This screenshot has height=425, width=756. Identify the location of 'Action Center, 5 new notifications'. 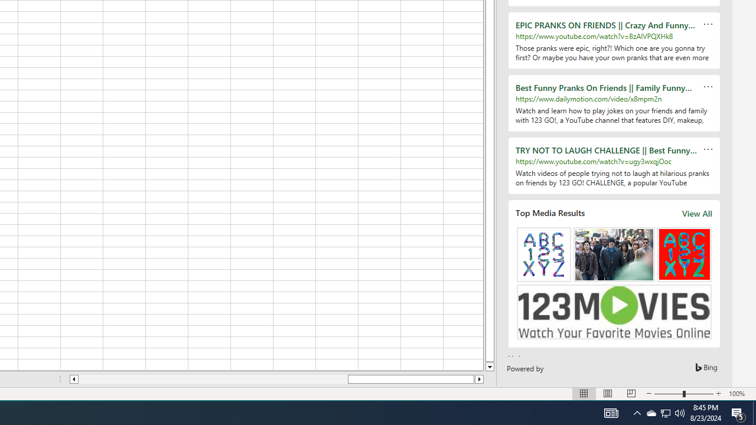
(738, 412).